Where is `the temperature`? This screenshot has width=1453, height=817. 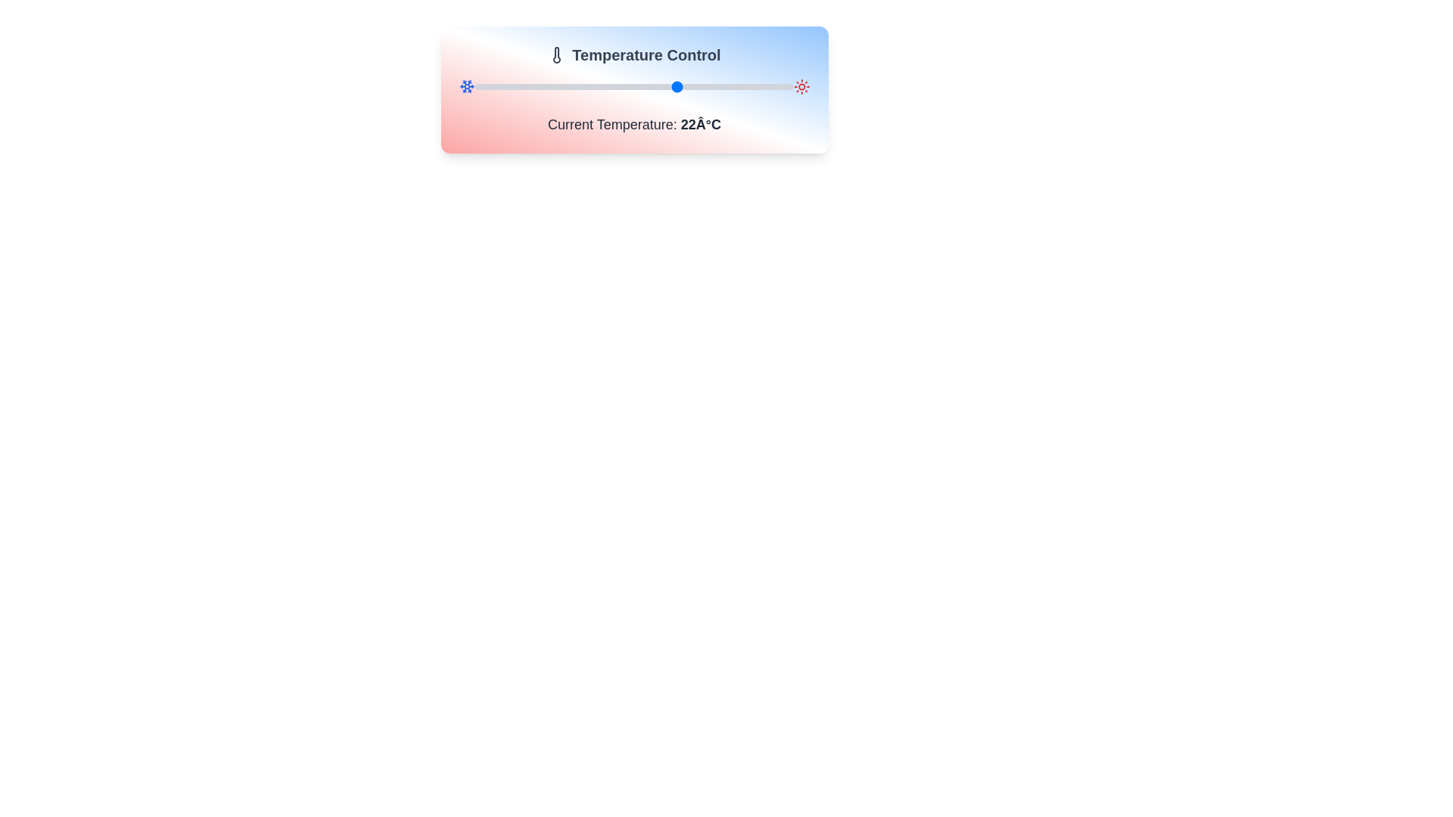 the temperature is located at coordinates (621, 87).